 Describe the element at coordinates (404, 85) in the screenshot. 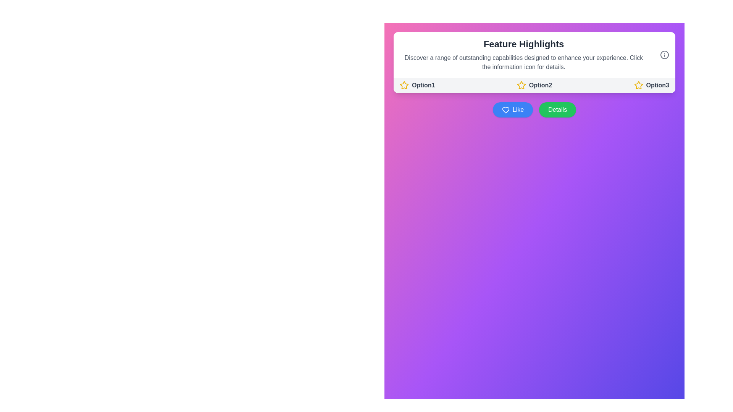

I see `the SVG Icon representing the selectable option for 'Option1' located in the top section under 'Feature Highlights'` at that location.